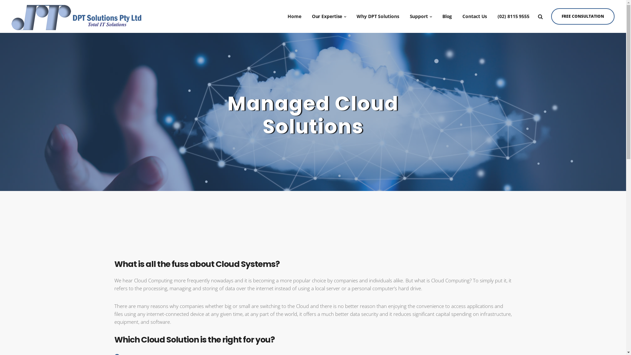  Describe the element at coordinates (496, 342) in the screenshot. I see `'Terms & Conditions'` at that location.